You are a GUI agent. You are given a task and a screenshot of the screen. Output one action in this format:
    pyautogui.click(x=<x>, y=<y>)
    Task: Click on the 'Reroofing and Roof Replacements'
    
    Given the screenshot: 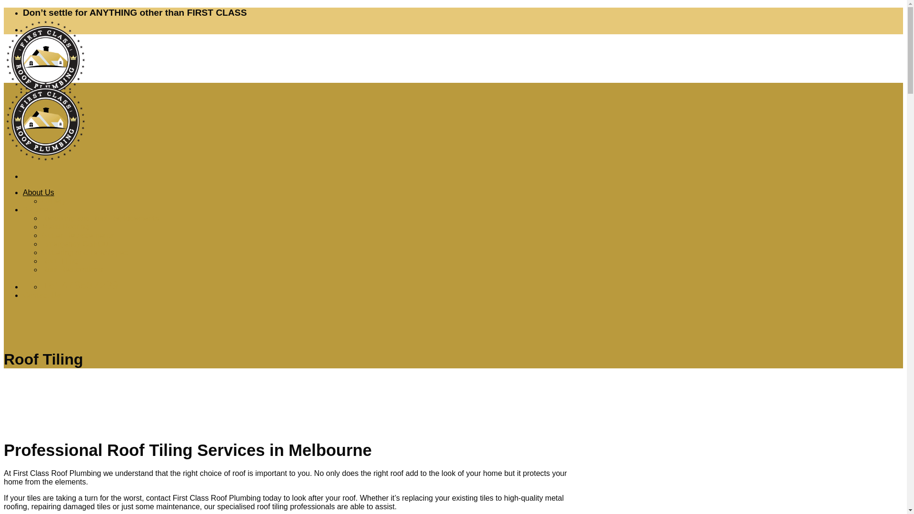 What is the action you would take?
    pyautogui.click(x=100, y=218)
    